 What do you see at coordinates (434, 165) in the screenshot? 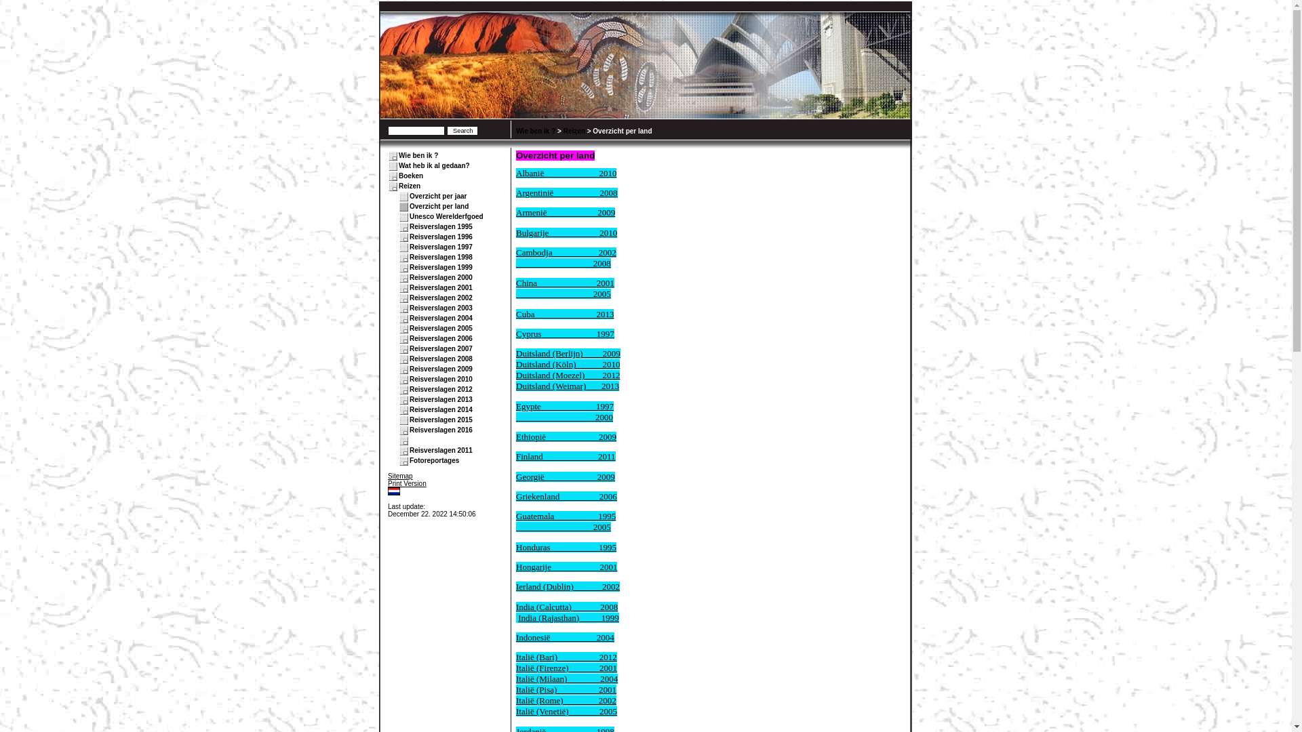
I see `'Wat heb ik al gedaan?'` at bounding box center [434, 165].